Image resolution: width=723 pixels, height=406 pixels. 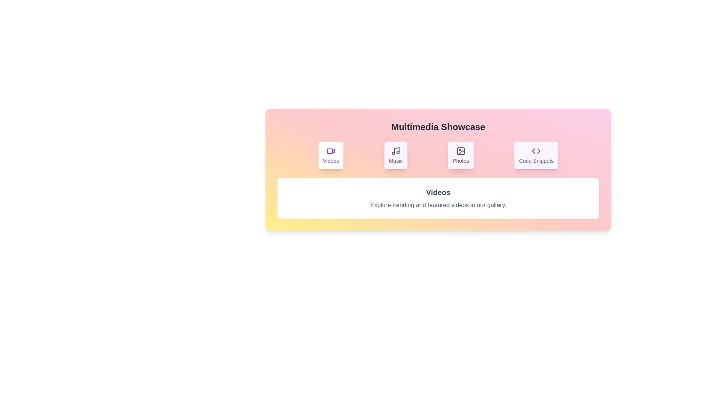 What do you see at coordinates (331, 155) in the screenshot?
I see `the Videos tab to view its content` at bounding box center [331, 155].